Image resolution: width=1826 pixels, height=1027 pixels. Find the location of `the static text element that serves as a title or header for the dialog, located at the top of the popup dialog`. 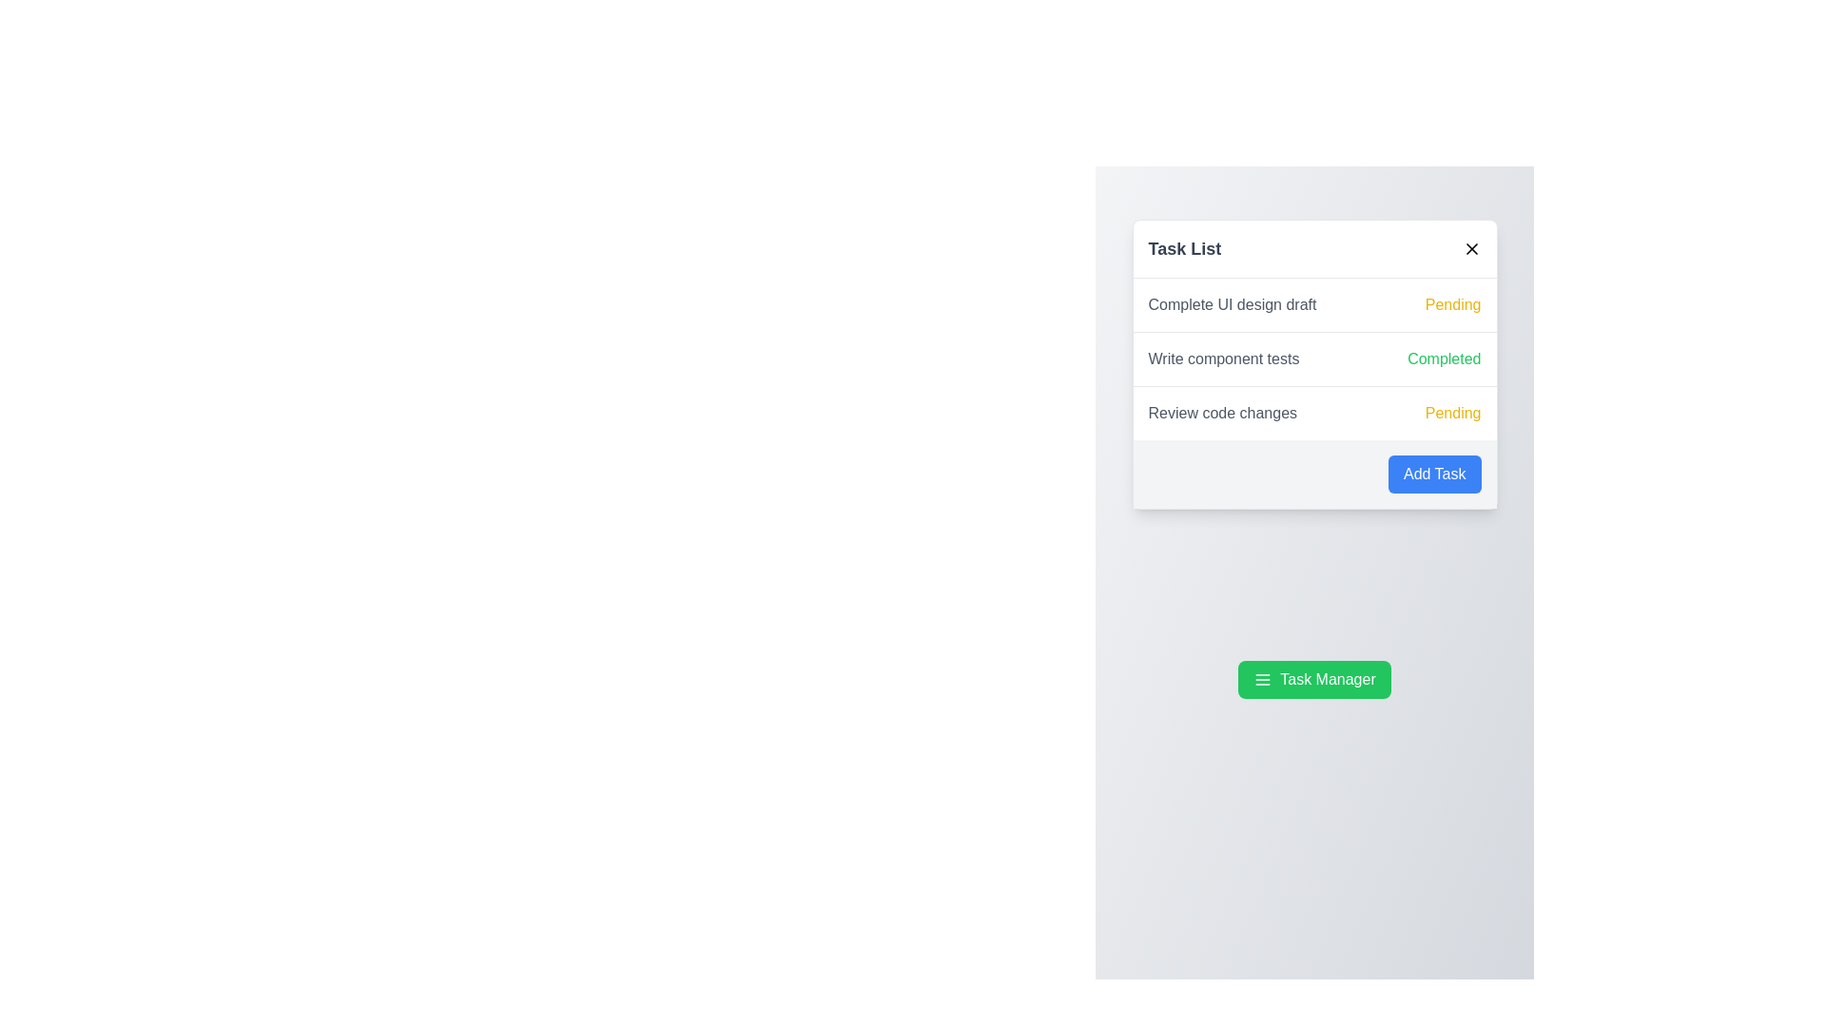

the static text element that serves as a title or header for the dialog, located at the top of the popup dialog is located at coordinates (1183, 248).